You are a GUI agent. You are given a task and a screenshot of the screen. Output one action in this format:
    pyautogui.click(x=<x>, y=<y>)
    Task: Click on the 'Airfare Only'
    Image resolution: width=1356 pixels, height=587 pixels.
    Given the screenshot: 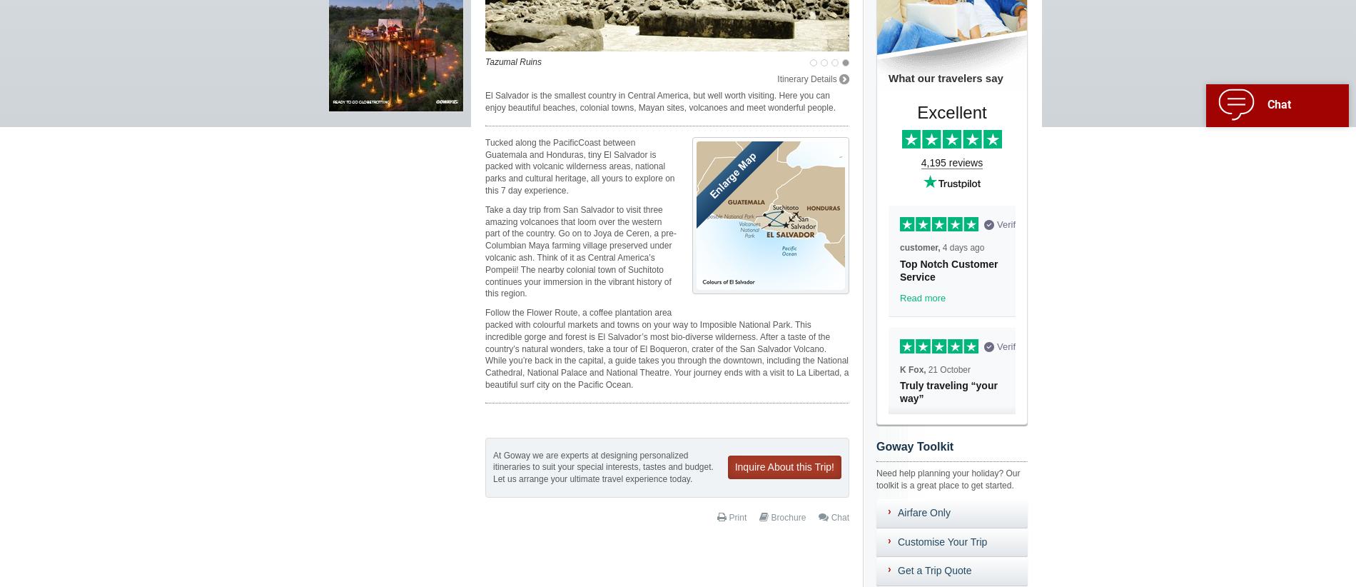 What is the action you would take?
    pyautogui.click(x=923, y=512)
    